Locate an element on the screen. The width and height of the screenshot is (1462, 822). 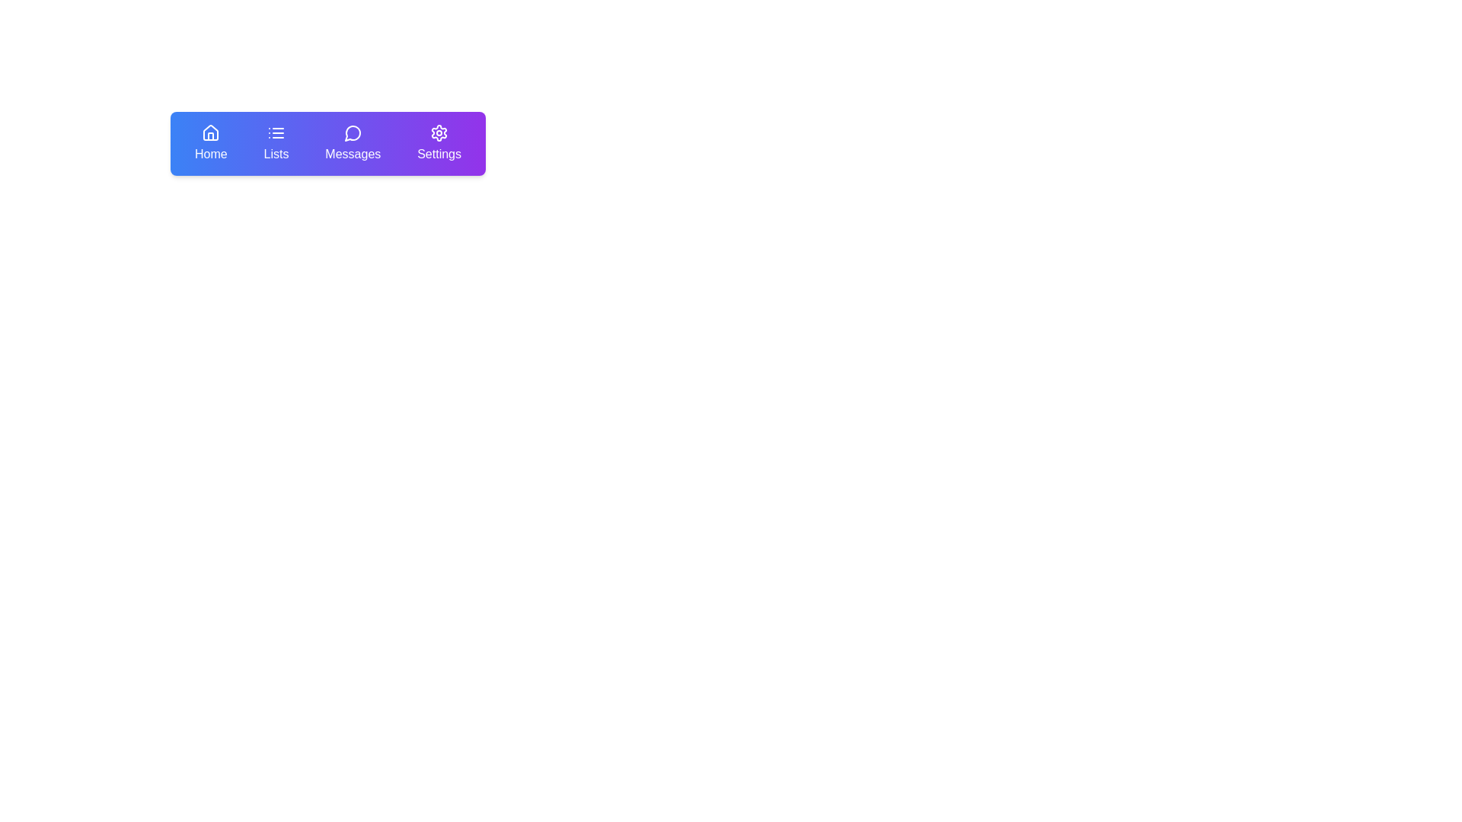
the navigation button labeled 'Lists' which is the second item from the left in the navigation bar, positioned between 'Home' and 'Messages', to initiate a visual or interactive response is located at coordinates (276, 144).